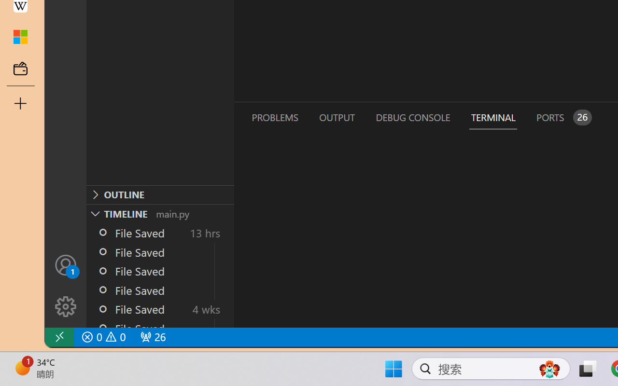  What do you see at coordinates (493, 117) in the screenshot?
I see `'Terminal (Ctrl+`)'` at bounding box center [493, 117].